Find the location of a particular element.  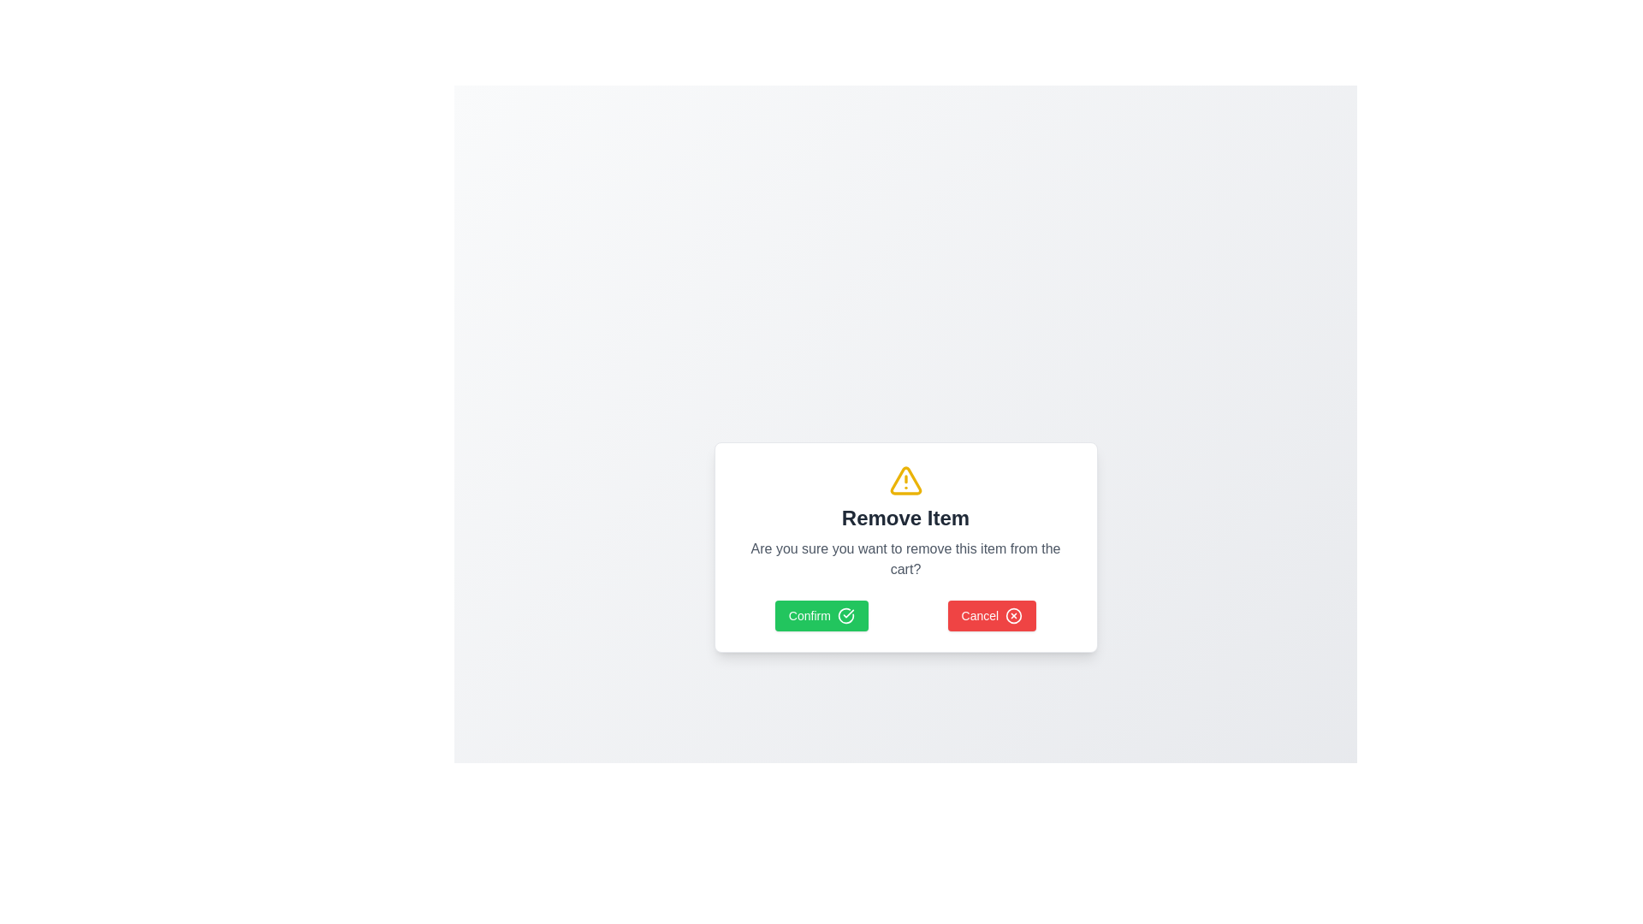

the warning icon located at the top of the 'Remove Item' dialog box, which serves as a cautionary symbol to grab the user's attention is located at coordinates (905, 481).